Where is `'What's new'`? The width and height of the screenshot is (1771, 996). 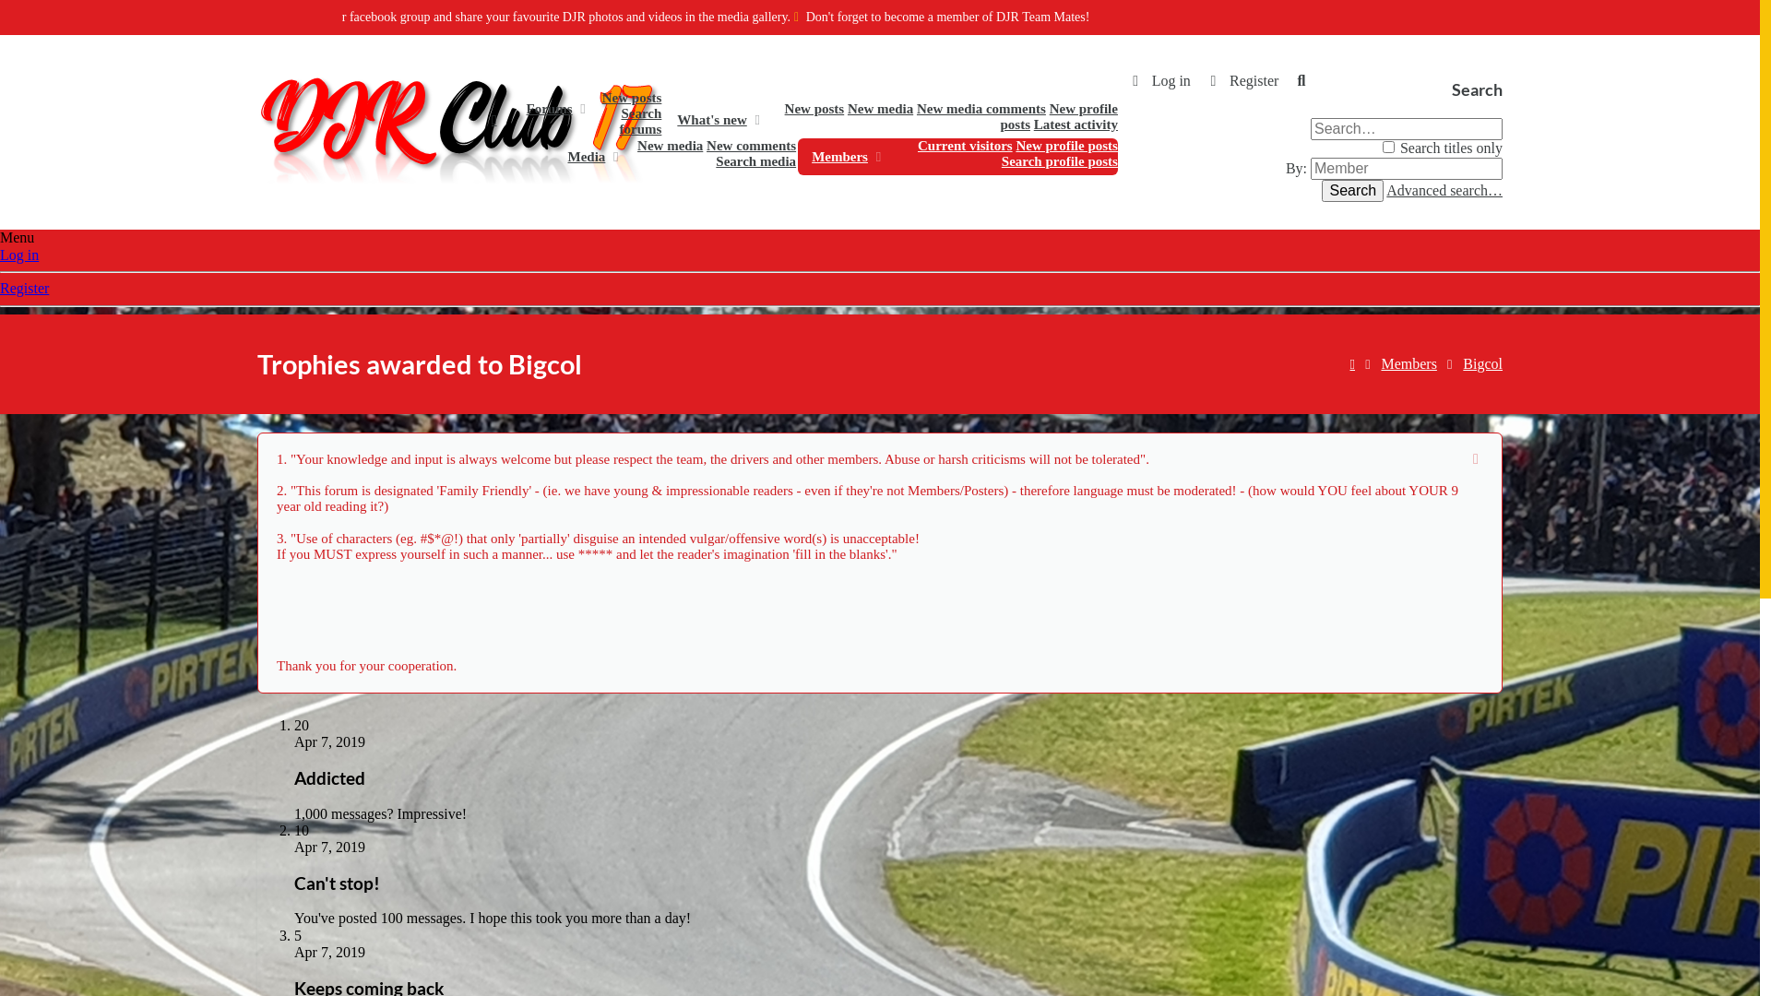 'What's new' is located at coordinates (706, 120).